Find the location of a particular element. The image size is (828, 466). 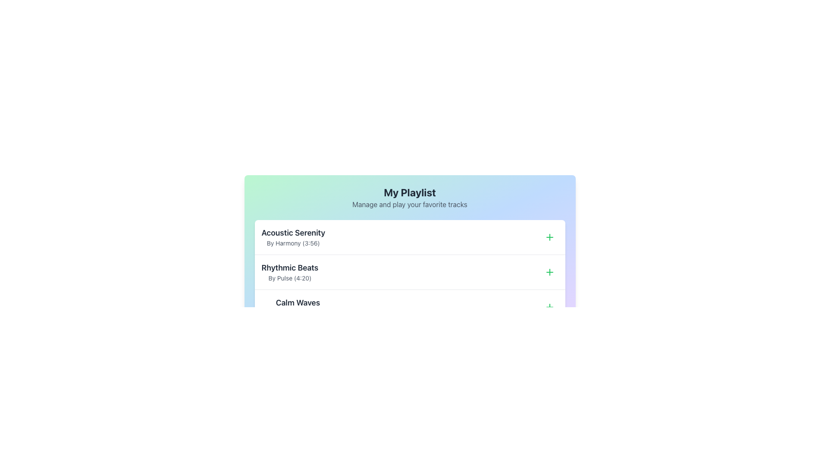

metadata text element that specifies the creator (Pulse) and the track duration (4:20) located underneath the title 'Rhythmic Beats' is located at coordinates (290, 278).